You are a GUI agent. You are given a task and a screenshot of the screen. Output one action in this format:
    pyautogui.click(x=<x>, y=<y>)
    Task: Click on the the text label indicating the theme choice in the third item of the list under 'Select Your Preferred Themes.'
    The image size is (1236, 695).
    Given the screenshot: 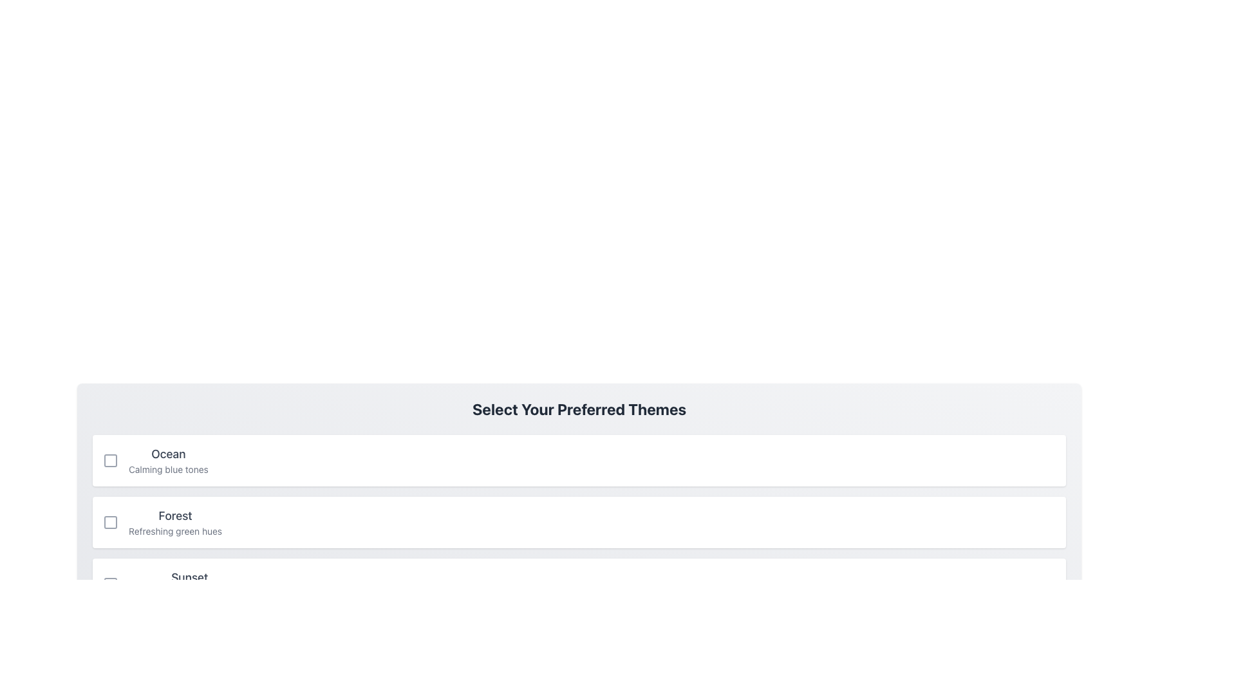 What is the action you would take?
    pyautogui.click(x=189, y=577)
    